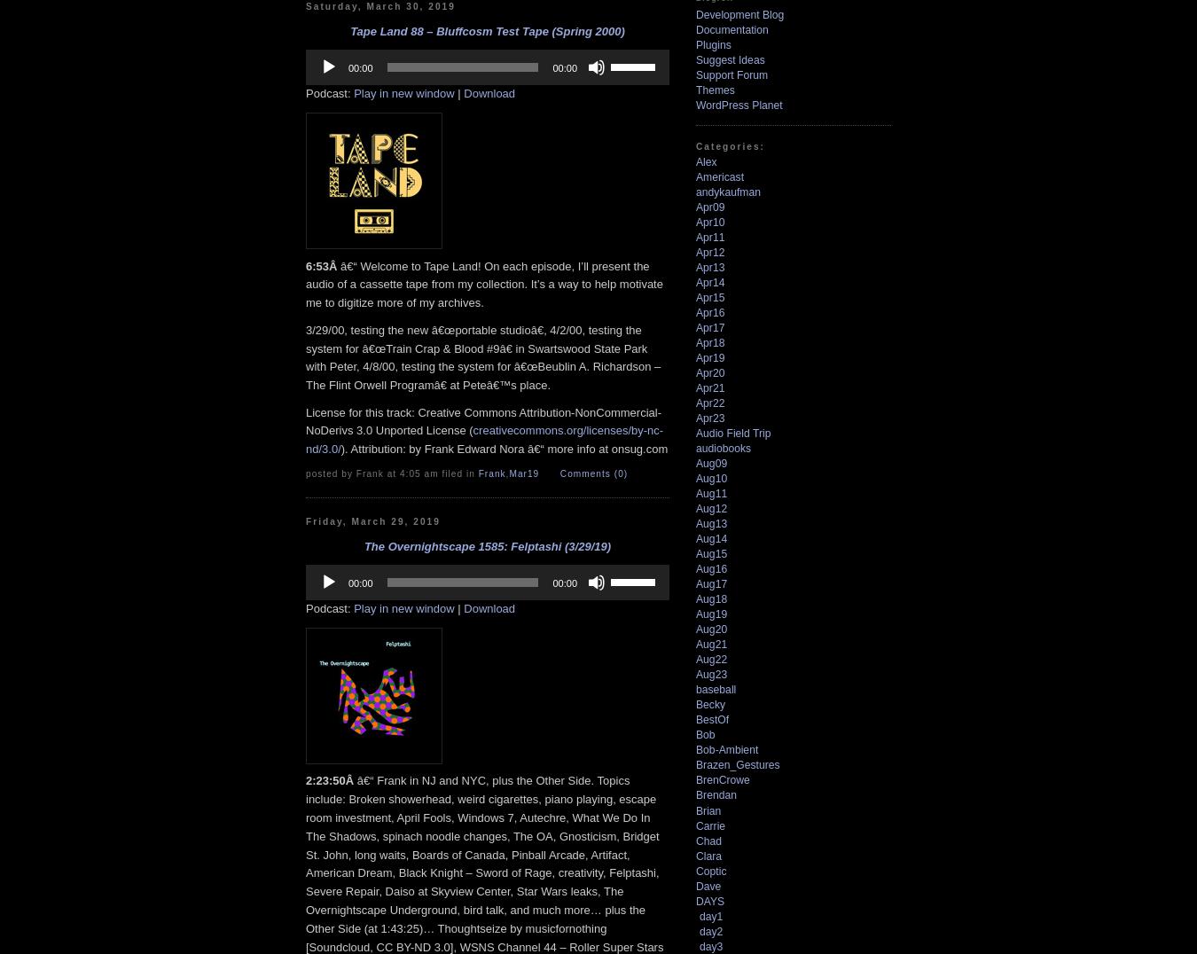 This screenshot has width=1197, height=954. I want to click on 'andykaufman', so click(728, 190).